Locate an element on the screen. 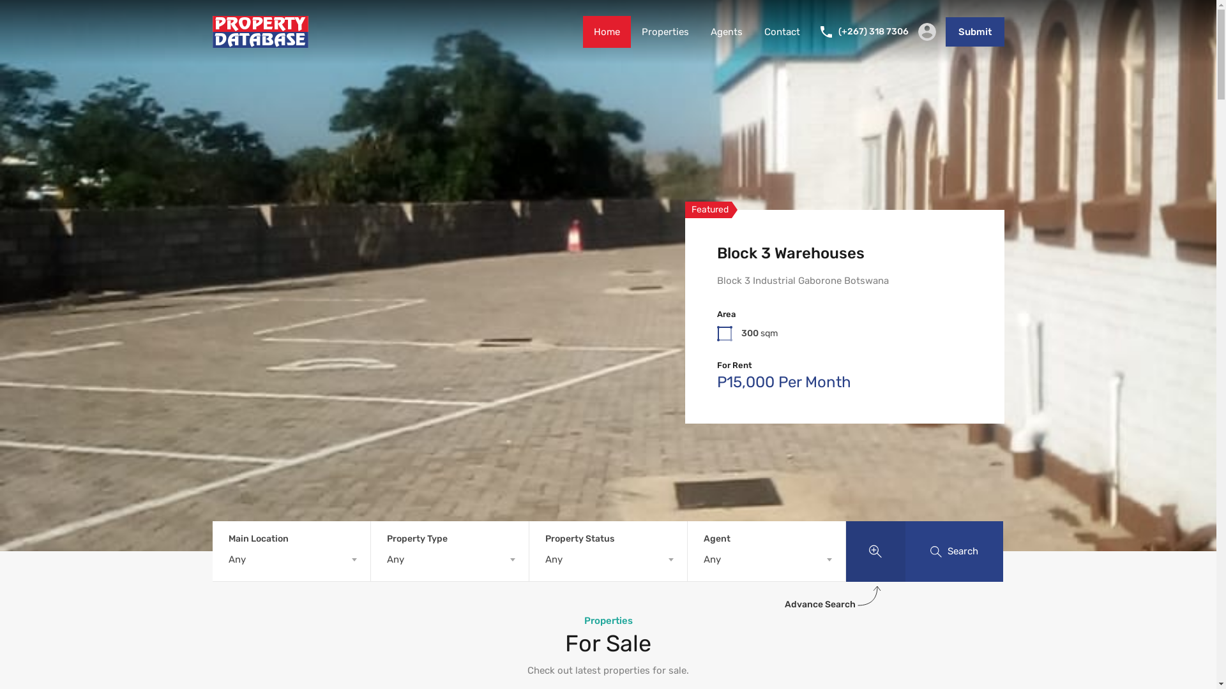  'Properties' is located at coordinates (664, 31).